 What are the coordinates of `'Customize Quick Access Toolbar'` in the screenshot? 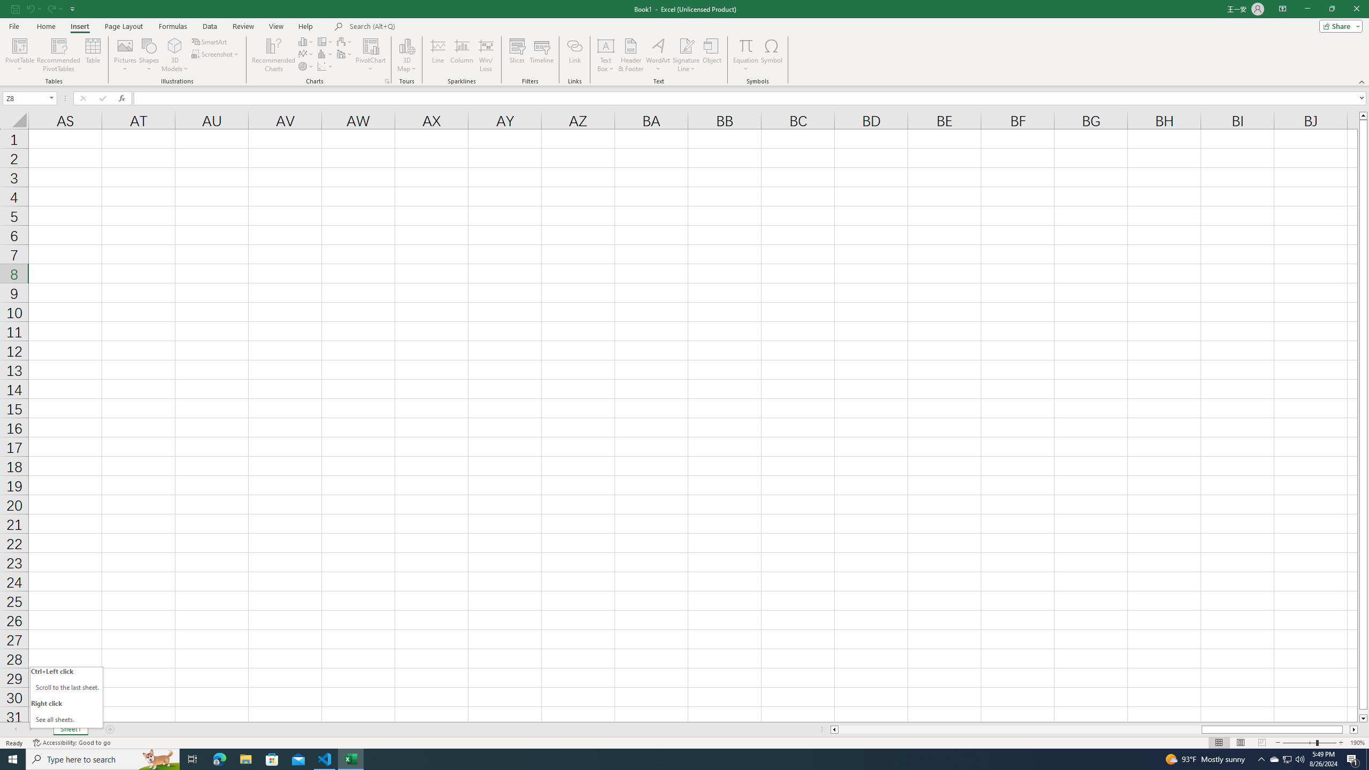 It's located at (72, 8).